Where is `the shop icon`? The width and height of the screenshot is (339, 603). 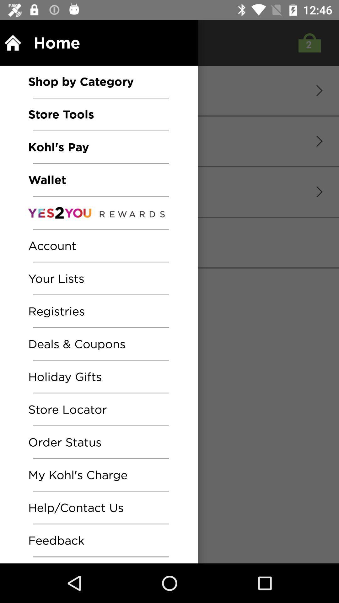 the shop icon is located at coordinates (308, 42).